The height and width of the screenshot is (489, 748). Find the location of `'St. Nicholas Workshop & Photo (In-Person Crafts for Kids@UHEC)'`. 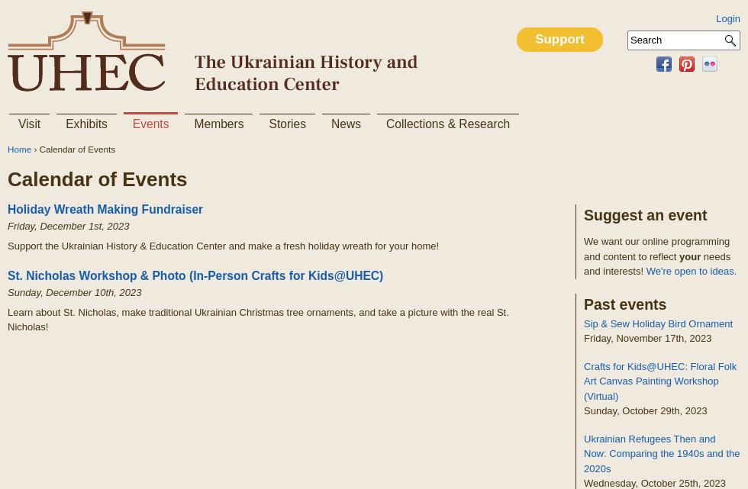

'St. Nicholas Workshop & Photo (In-Person Crafts for Kids@UHEC)' is located at coordinates (195, 274).